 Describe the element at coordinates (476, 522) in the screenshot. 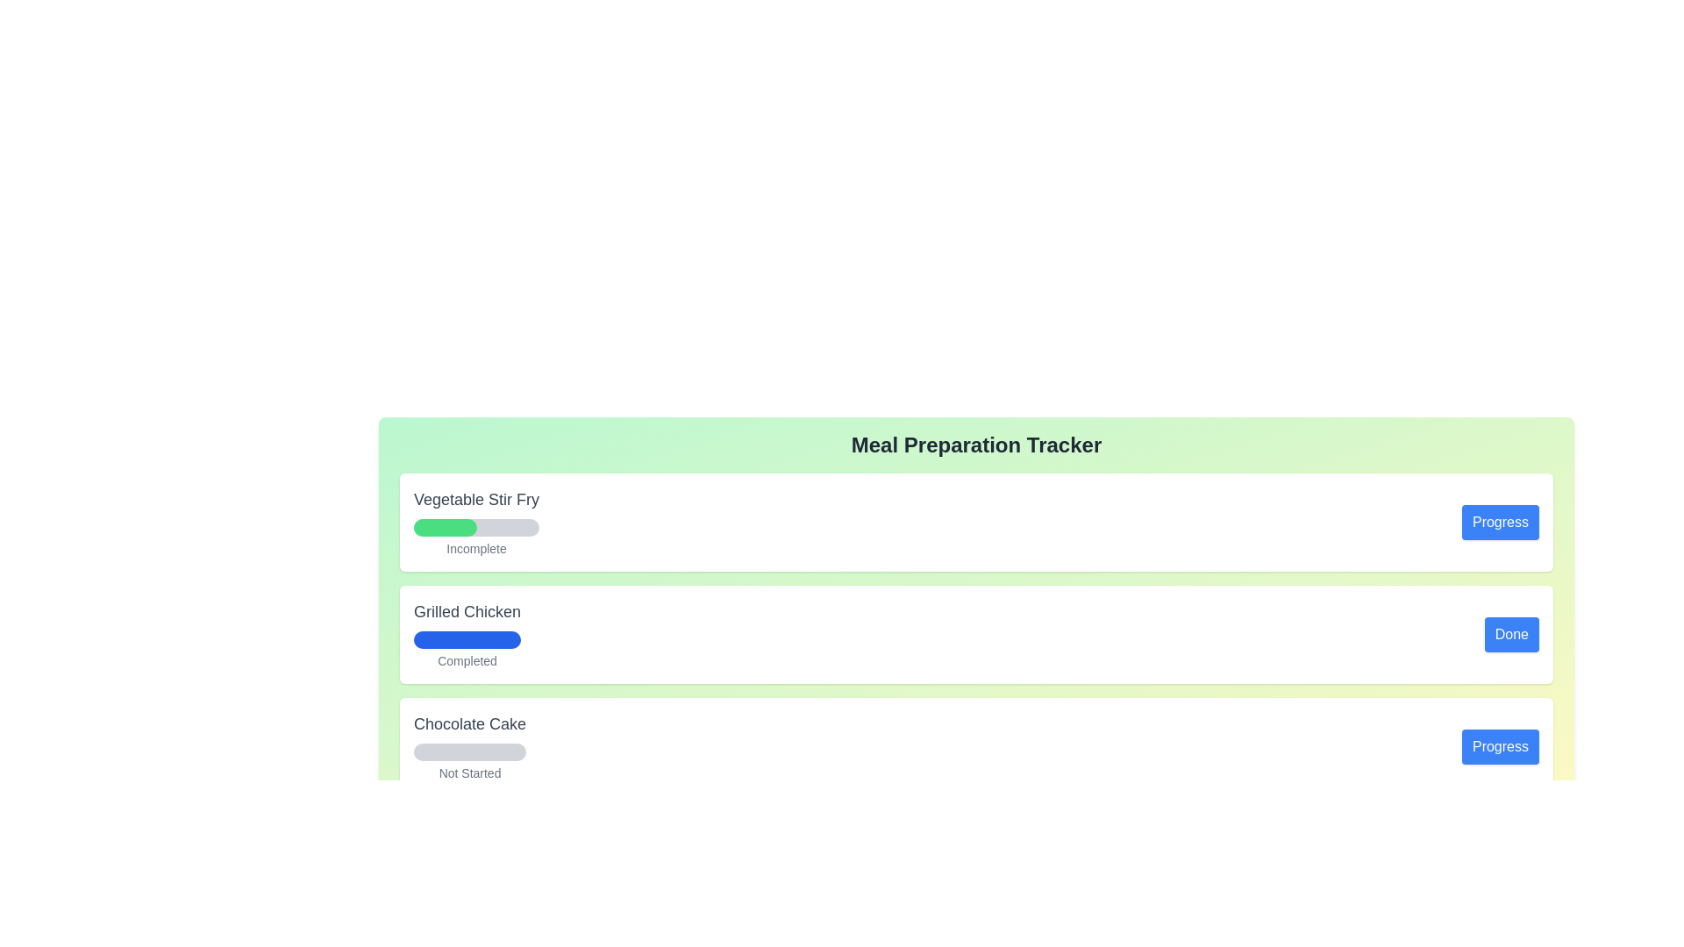

I see `the completion status of the 'Vegetable Stir Fry' task progress display, which shows a progress bar and the status text 'Incomplete'` at that location.